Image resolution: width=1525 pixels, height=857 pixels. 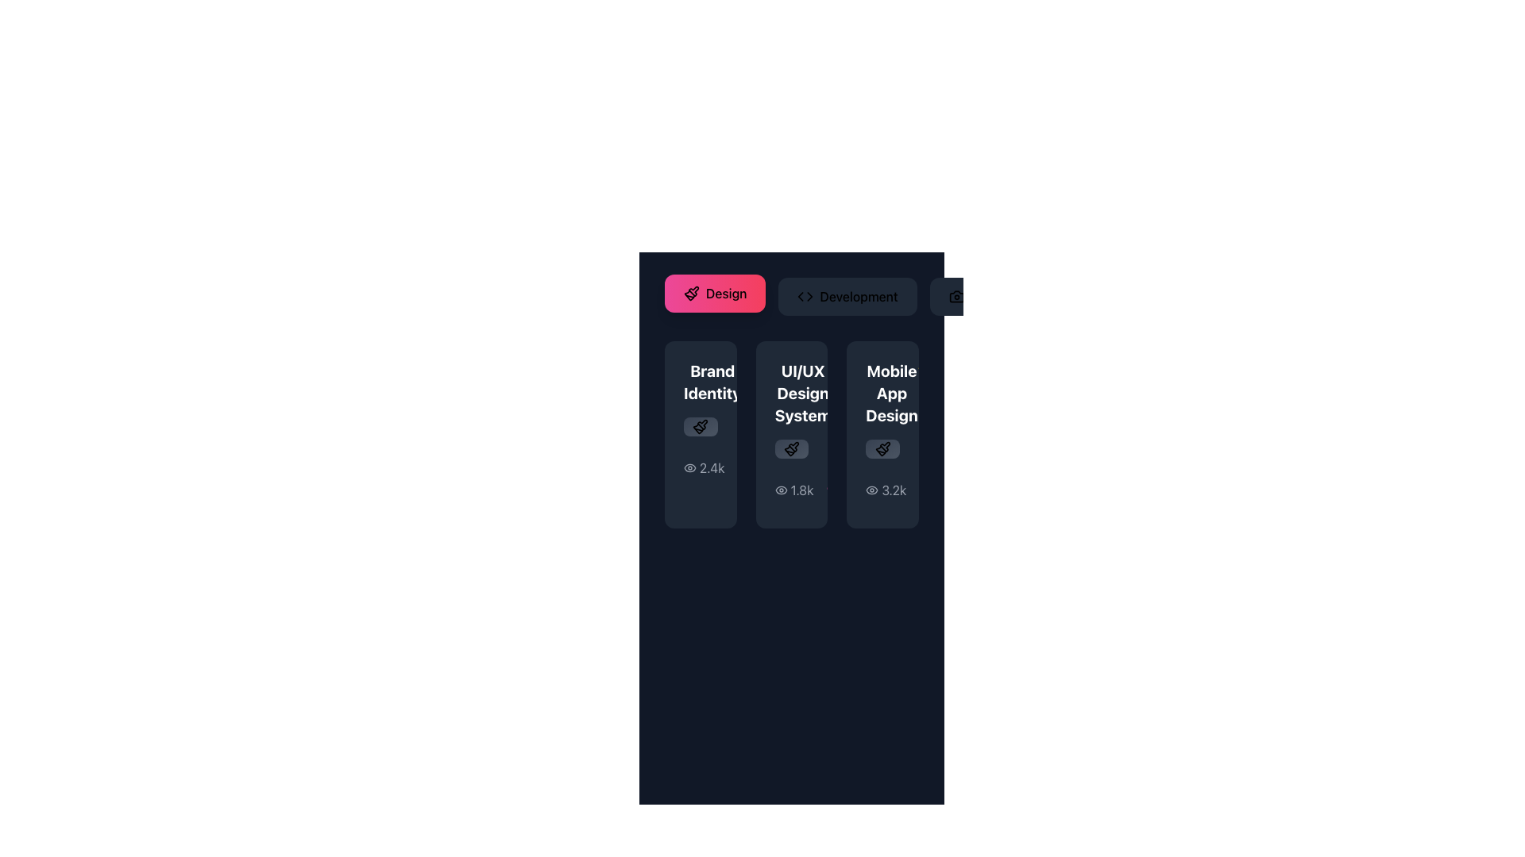 What do you see at coordinates (700, 422) in the screenshot?
I see `the Decorative badge with text that features a paintbrush icon and the label '2.4k', located under the 'Brand Identity' heading in the first column` at bounding box center [700, 422].